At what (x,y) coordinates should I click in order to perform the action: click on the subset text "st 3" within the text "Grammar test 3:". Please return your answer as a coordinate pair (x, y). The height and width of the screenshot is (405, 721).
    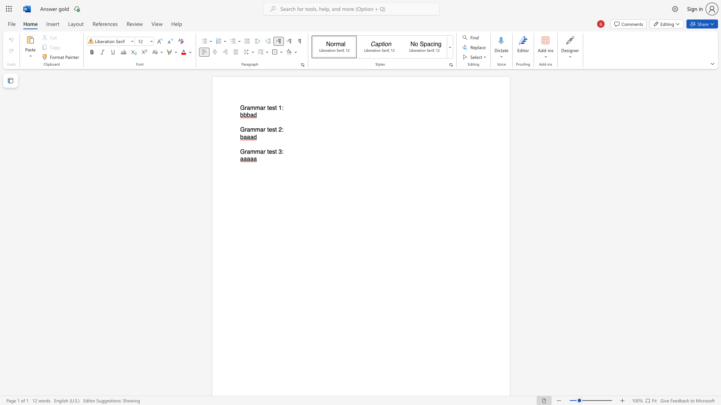
    Looking at the image, I should click on (272, 151).